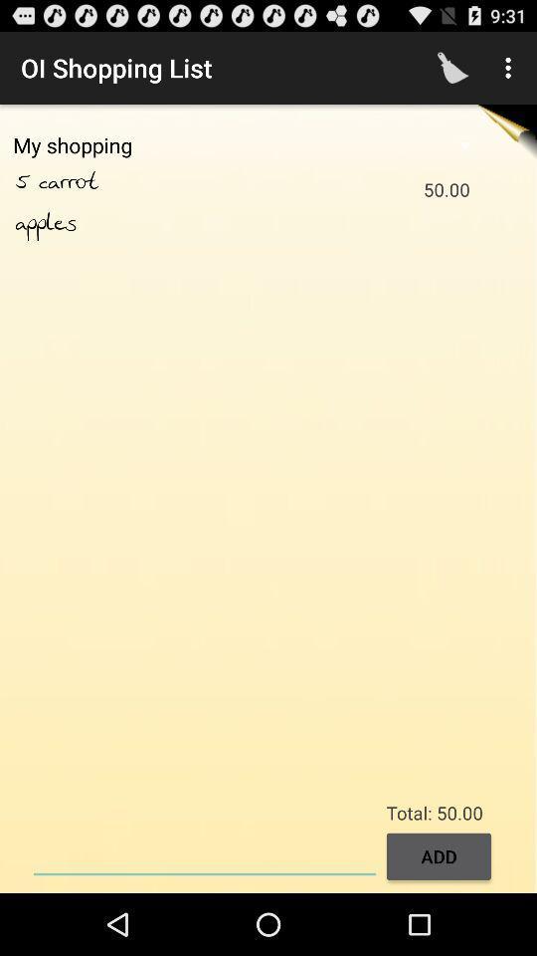 This screenshot has width=537, height=956. What do you see at coordinates (26, 182) in the screenshot?
I see `5  item` at bounding box center [26, 182].